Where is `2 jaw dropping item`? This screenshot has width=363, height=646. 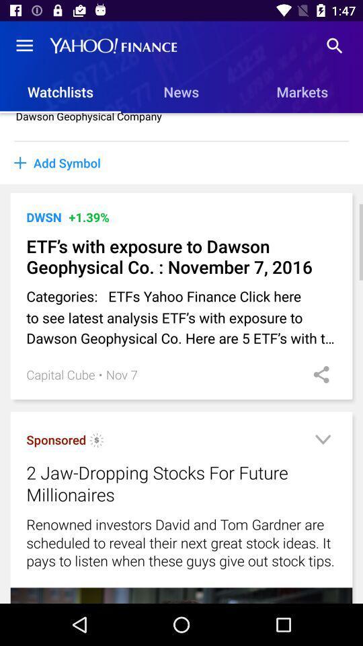 2 jaw dropping item is located at coordinates (165, 483).